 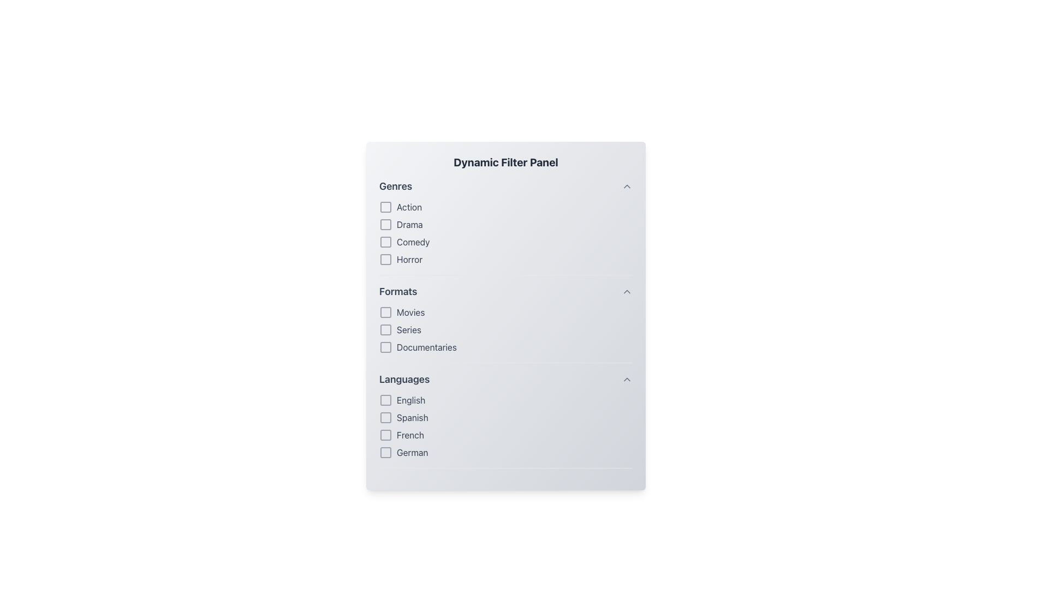 What do you see at coordinates (627, 291) in the screenshot?
I see `the collapse/expand button located at the far-right of the 'Formats' section header` at bounding box center [627, 291].